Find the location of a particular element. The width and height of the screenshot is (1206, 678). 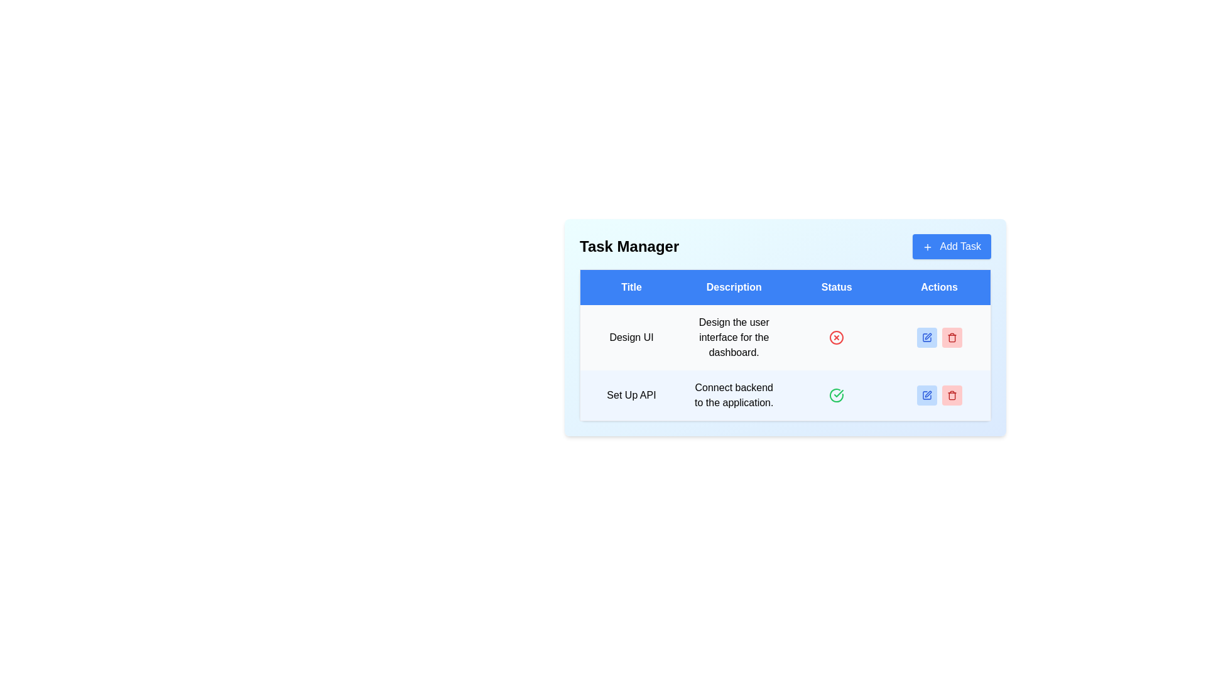

the green circular icon with a checkmark in the 'Status' column for the task 'Set Up API' is located at coordinates (839, 393).